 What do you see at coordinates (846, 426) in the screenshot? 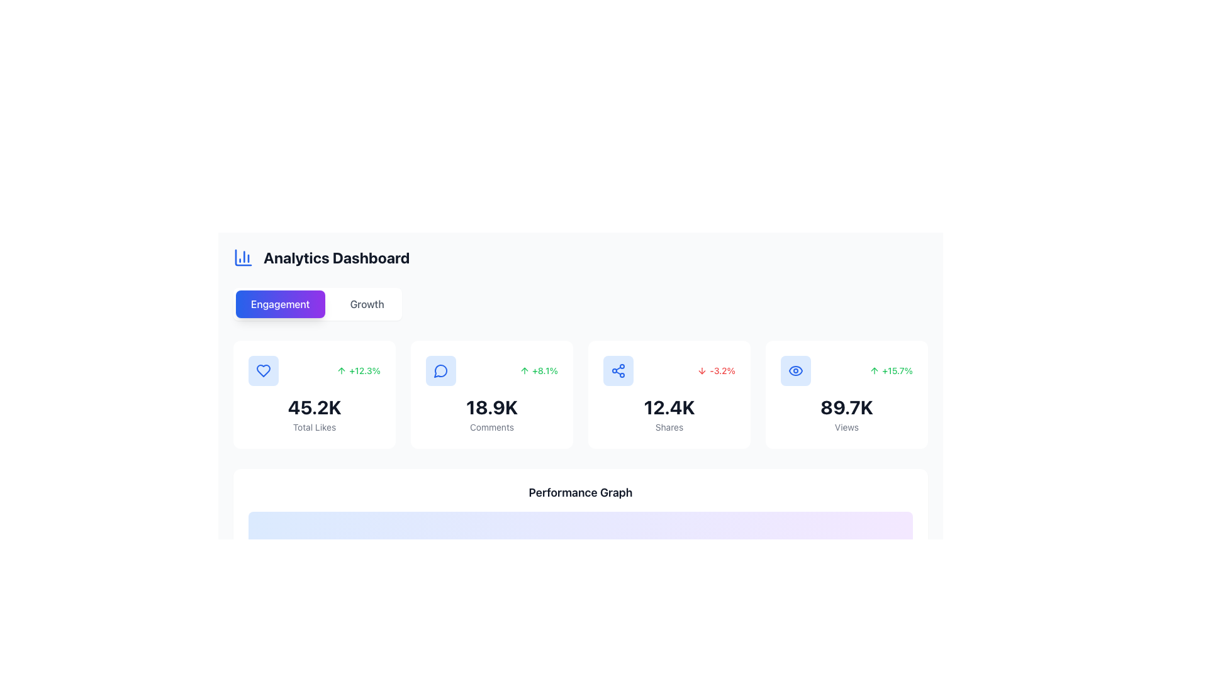
I see `the 'Views' text label displayed in a small gray font, located below the '89.7K' display within the card in the fourth column of the main dashboard view` at bounding box center [846, 426].